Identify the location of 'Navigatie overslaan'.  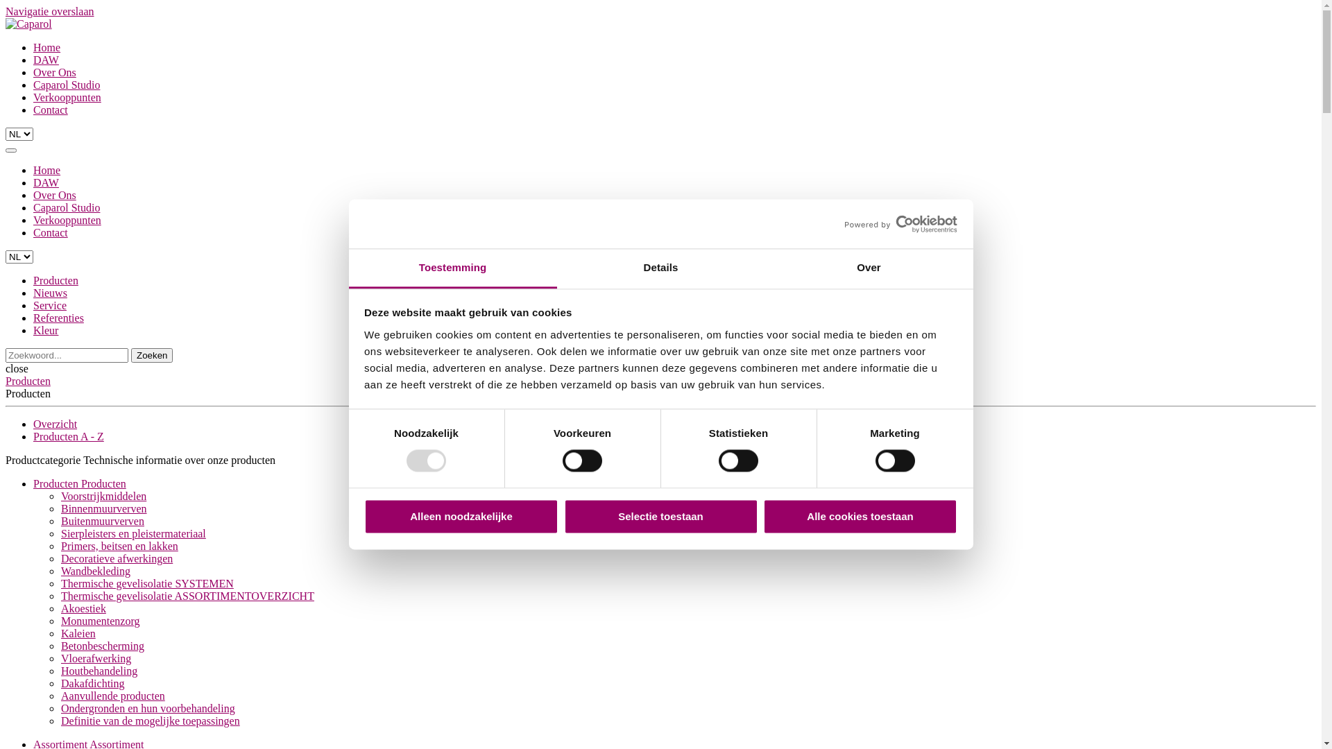
(50, 11).